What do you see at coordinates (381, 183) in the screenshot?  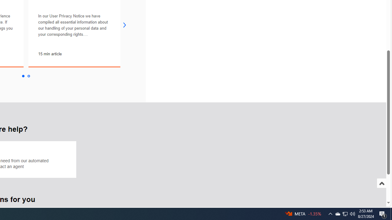 I see `'Scroll to top'` at bounding box center [381, 183].